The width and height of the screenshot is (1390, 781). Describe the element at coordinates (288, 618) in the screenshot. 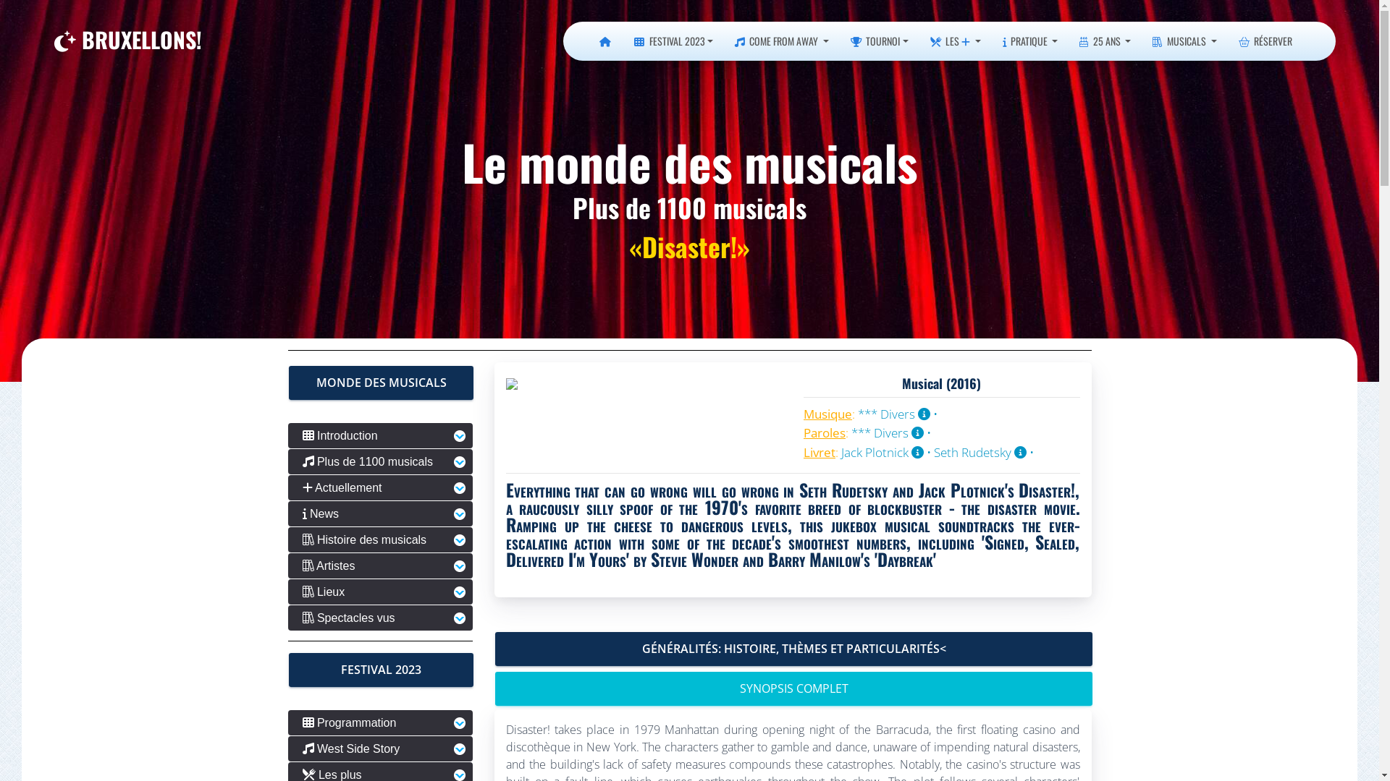

I see `'Spectacles vus'` at that location.